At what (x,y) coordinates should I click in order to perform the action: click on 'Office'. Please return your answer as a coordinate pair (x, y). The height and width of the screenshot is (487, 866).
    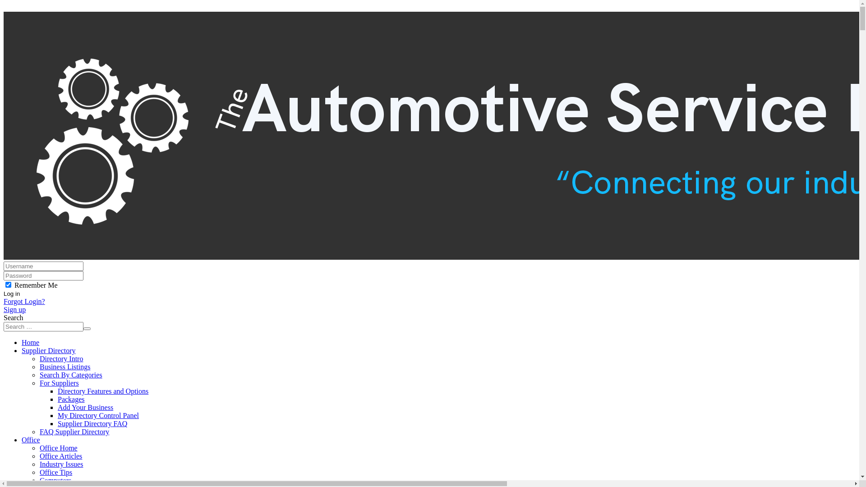
    Looking at the image, I should click on (31, 439).